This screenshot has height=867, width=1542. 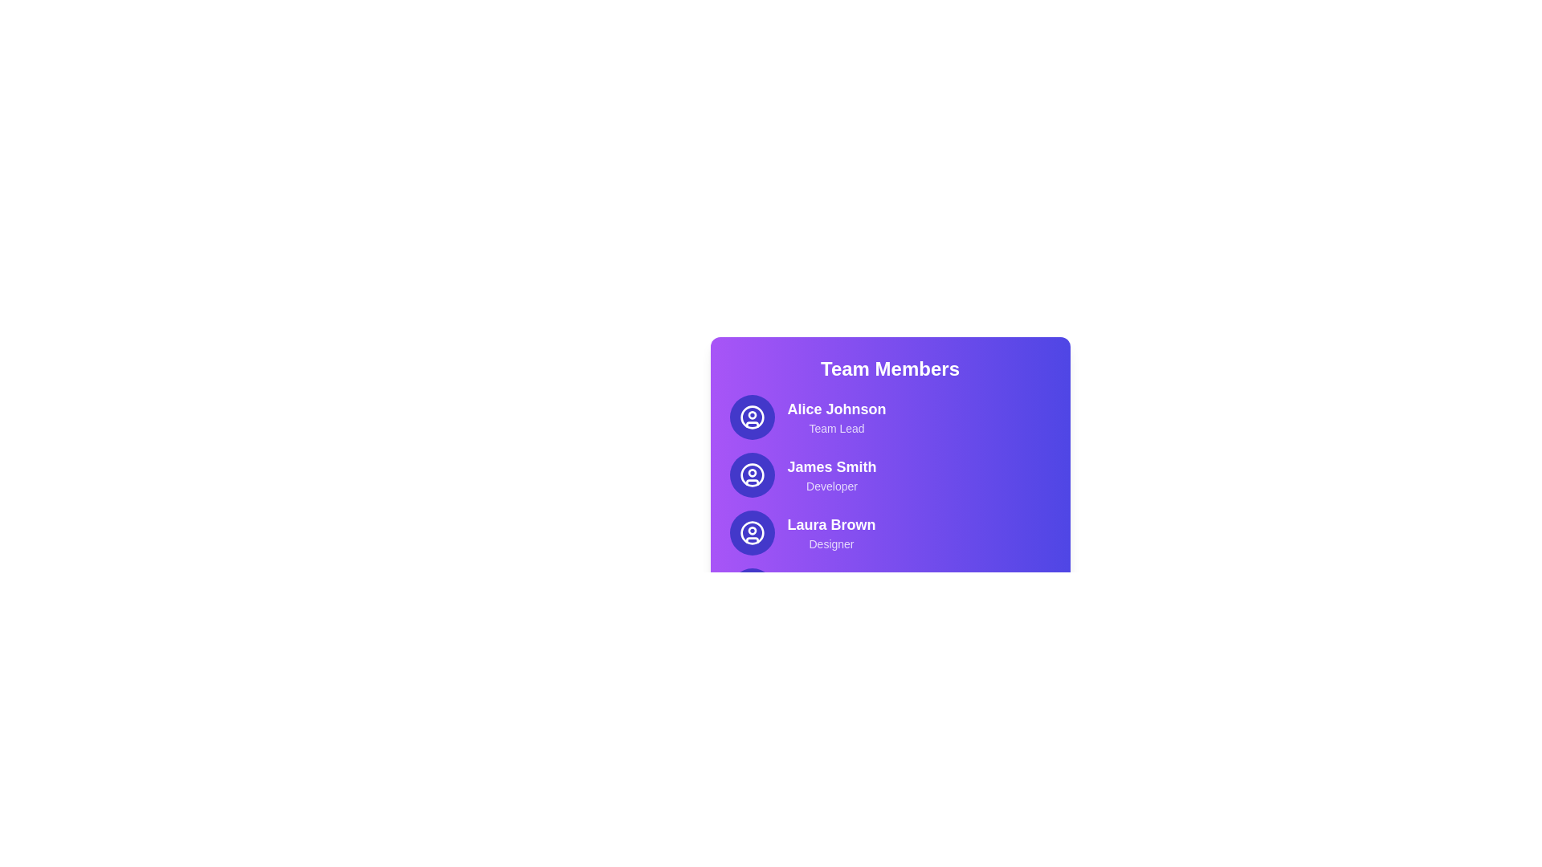 What do you see at coordinates (831, 525) in the screenshot?
I see `the static text element displaying 'Laura Brown', which is the top text in the third entry of a team member list, styled with a bold font and white color, located under 'Alice Johnson' and 'James Smith'` at bounding box center [831, 525].